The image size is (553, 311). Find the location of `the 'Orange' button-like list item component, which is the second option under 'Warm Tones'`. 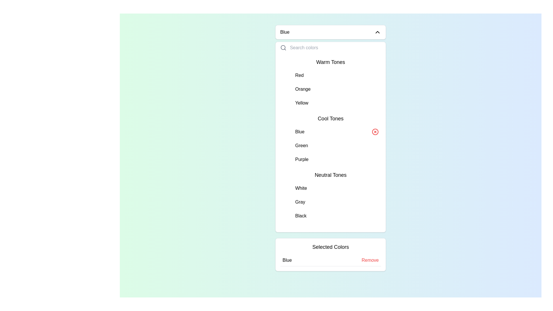

the 'Orange' button-like list item component, which is the second option under 'Warm Tones' is located at coordinates (330, 89).